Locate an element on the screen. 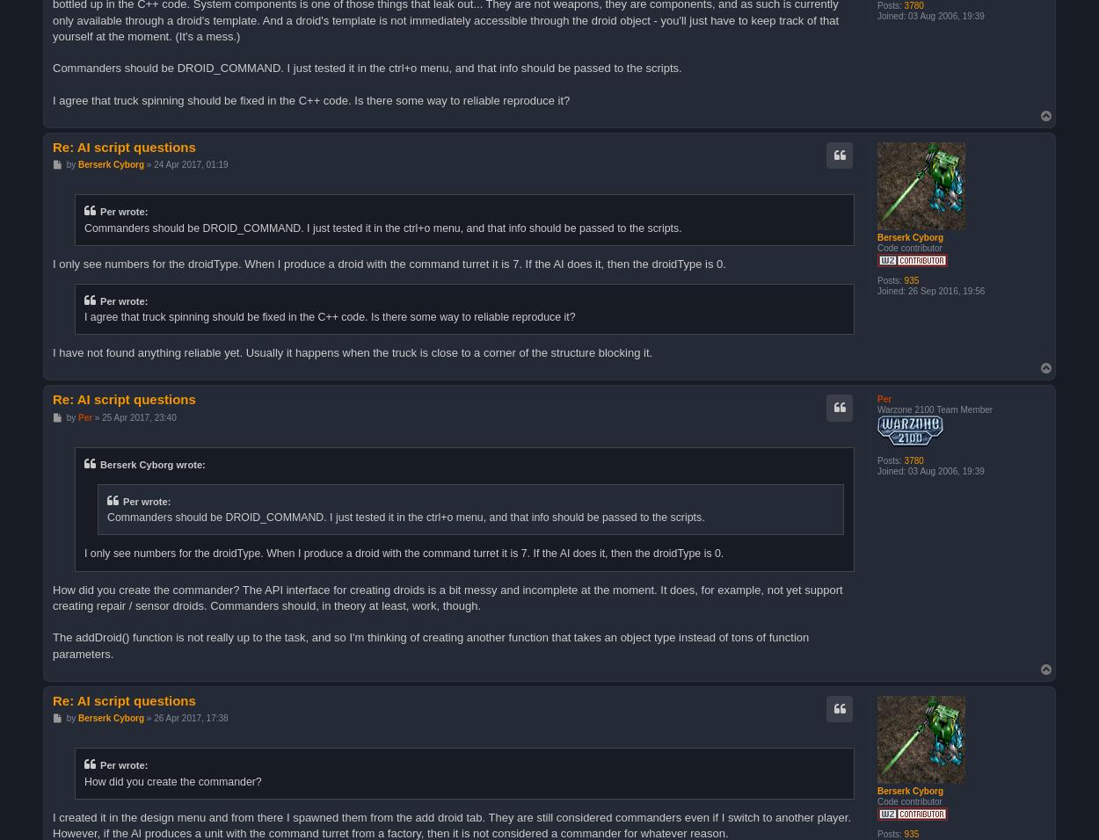 The height and width of the screenshot is (840, 1099). '24 Apr 2017, 01:19' is located at coordinates (190, 163).